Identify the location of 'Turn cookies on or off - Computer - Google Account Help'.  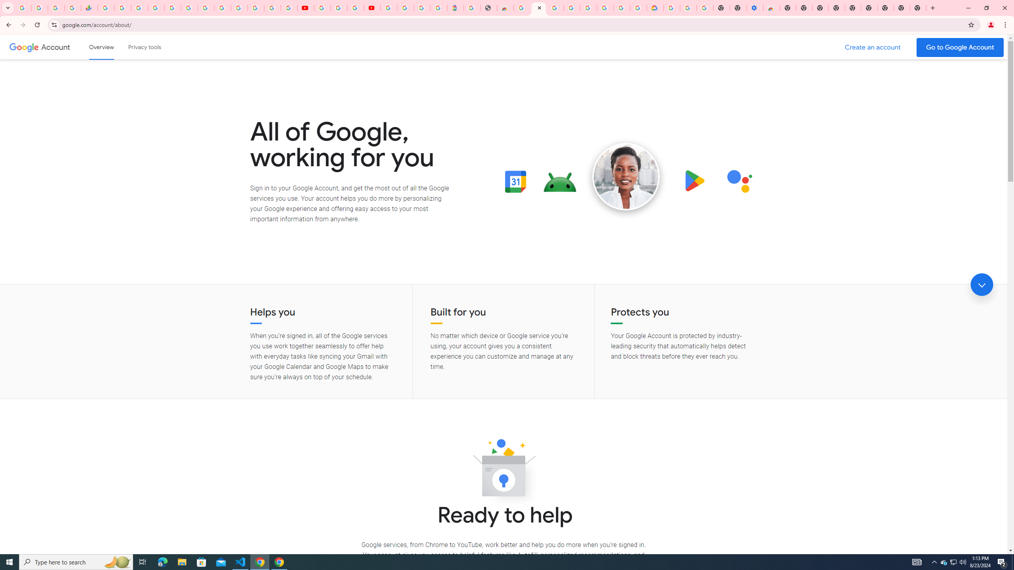
(705, 8).